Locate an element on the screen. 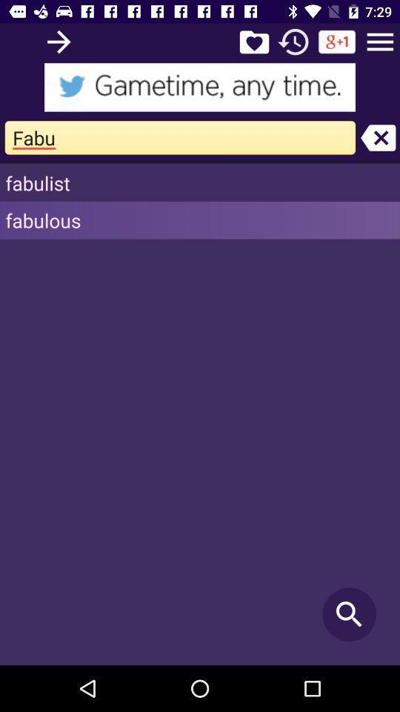 The width and height of the screenshot is (400, 712). favorites is located at coordinates (253, 41).